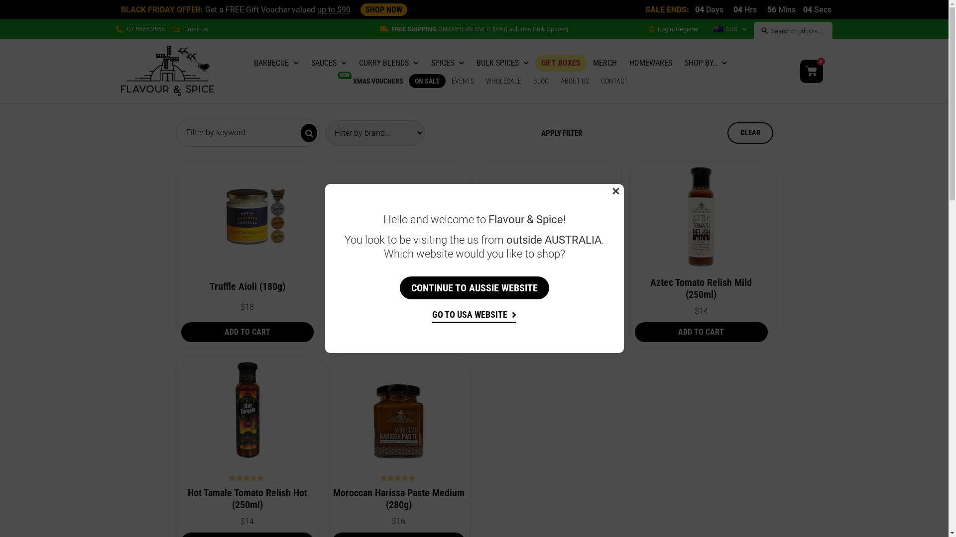 The width and height of the screenshot is (956, 537). I want to click on 'XMAS VOUCHERS', so click(377, 80).